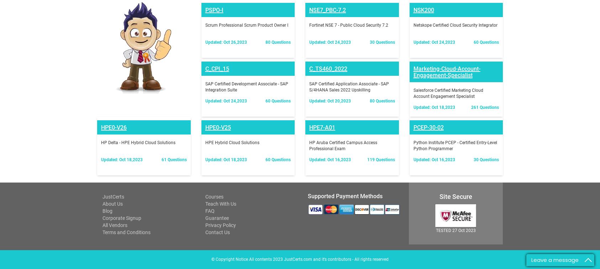  Describe the element at coordinates (204, 139) in the screenshot. I see `'Contact Us'` at that location.